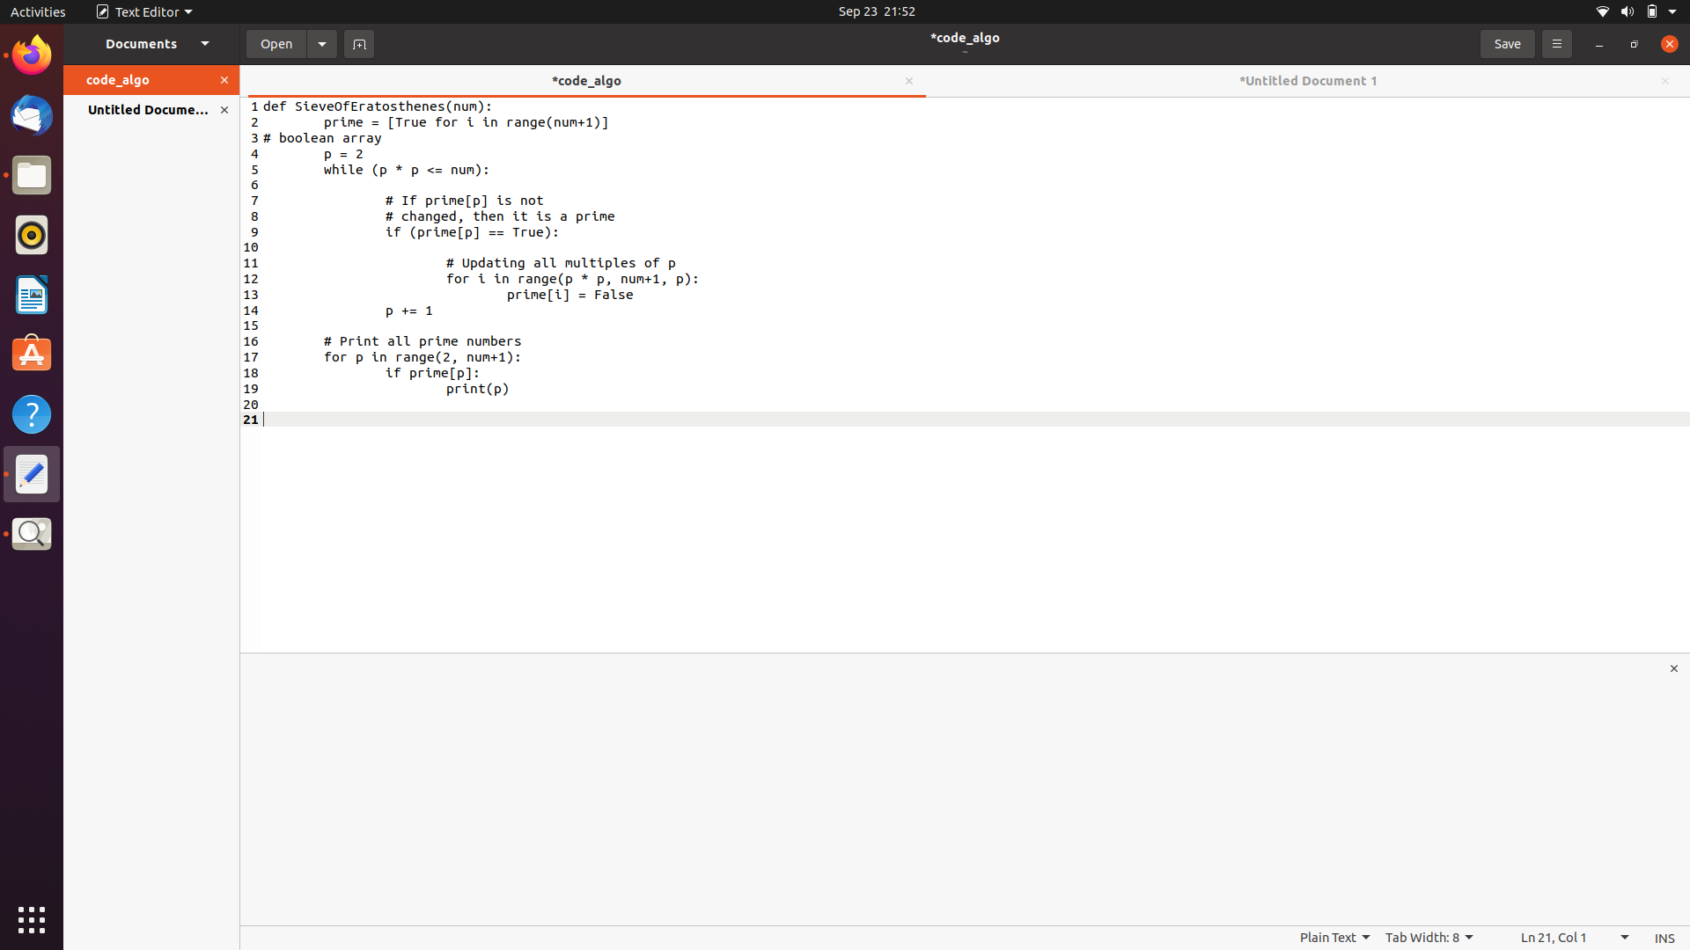  I want to click on Exit the code_algo document from the orange control panel, so click(226, 81).